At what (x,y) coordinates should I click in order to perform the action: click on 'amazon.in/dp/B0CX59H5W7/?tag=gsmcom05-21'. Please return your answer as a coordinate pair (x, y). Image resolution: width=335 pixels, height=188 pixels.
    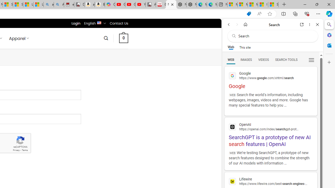
    Looking at the image, I should click on (89, 4).